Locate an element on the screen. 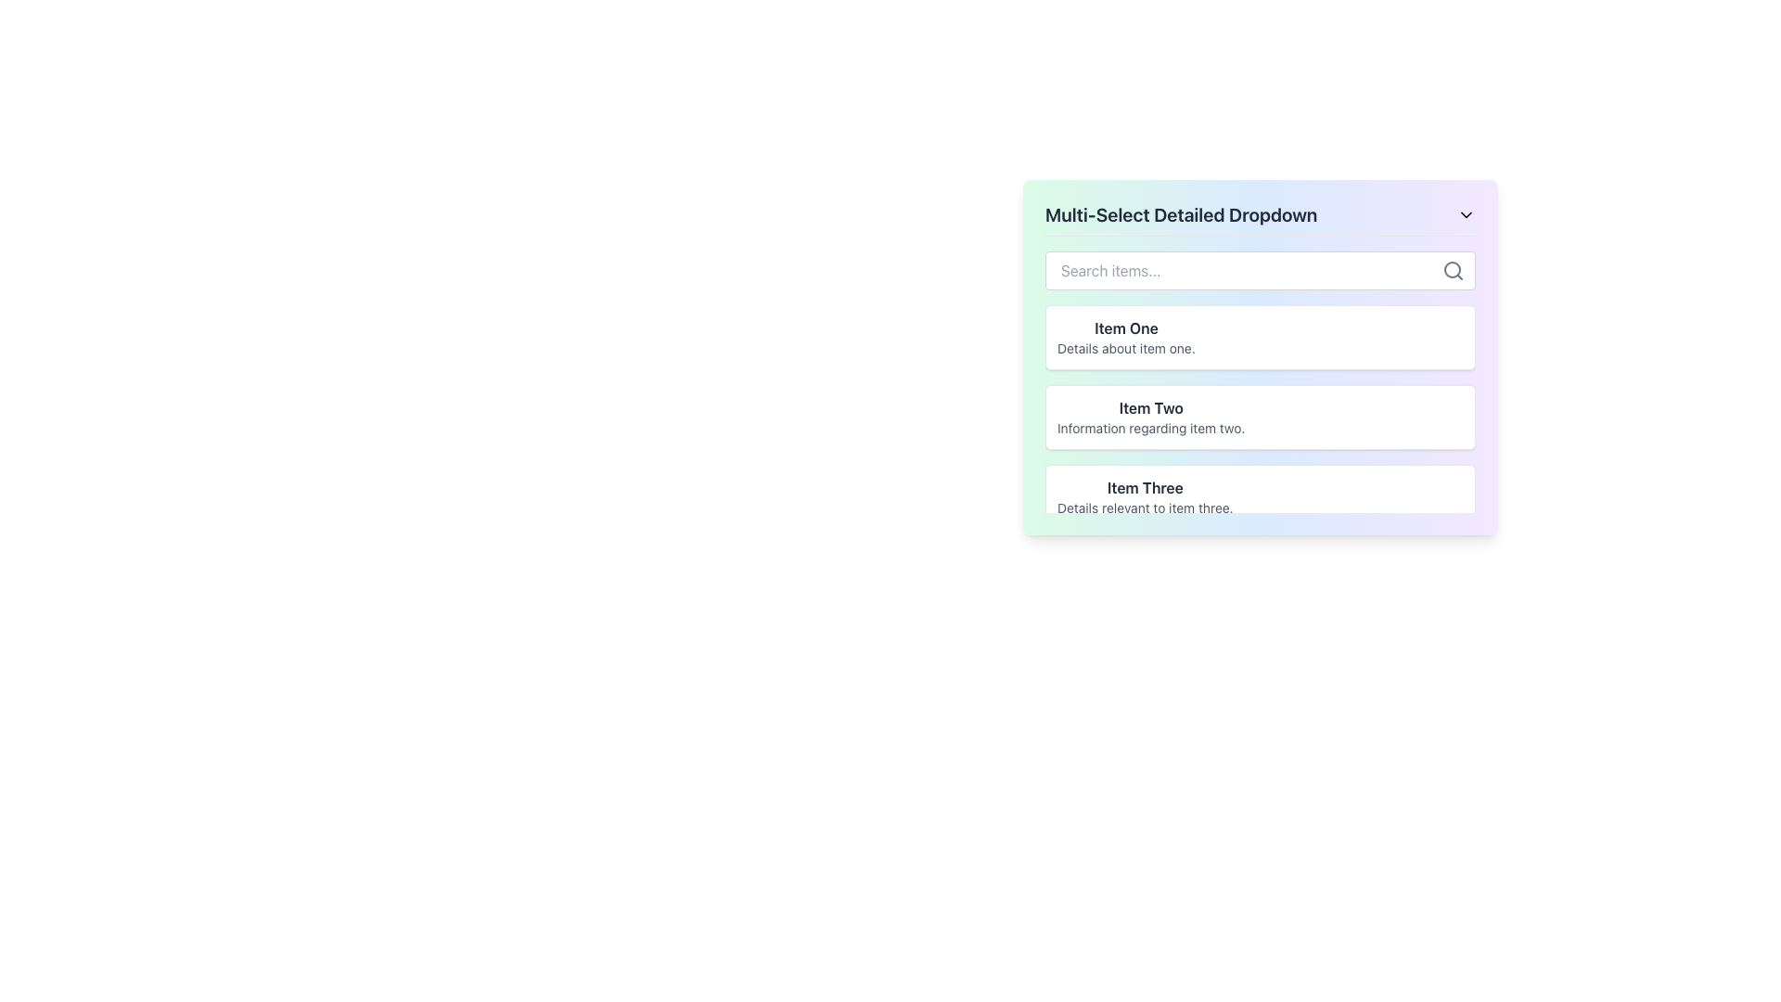 The image size is (1781, 1002). the second selectable list item titled 'Item Two' in the dropdown interface is located at coordinates (1260, 417).